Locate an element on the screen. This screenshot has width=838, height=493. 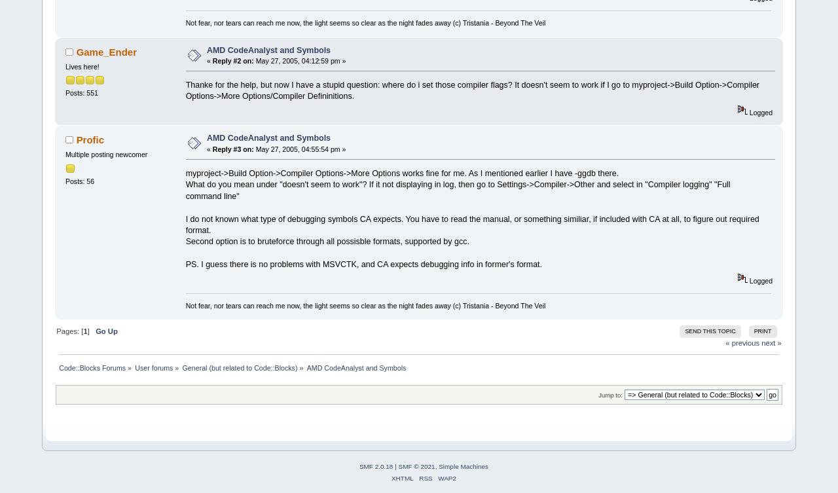
'next »' is located at coordinates (771, 342).